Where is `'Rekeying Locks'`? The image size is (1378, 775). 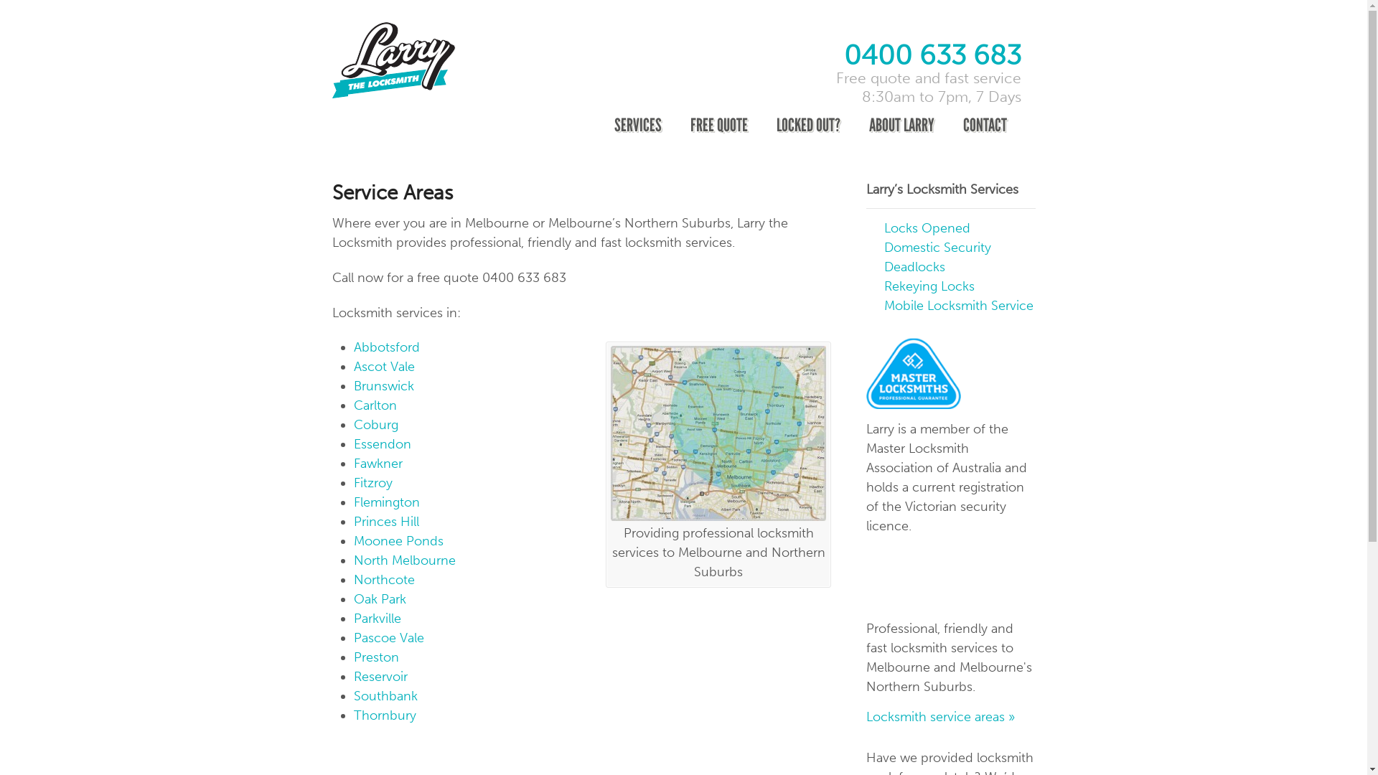 'Rekeying Locks' is located at coordinates (929, 286).